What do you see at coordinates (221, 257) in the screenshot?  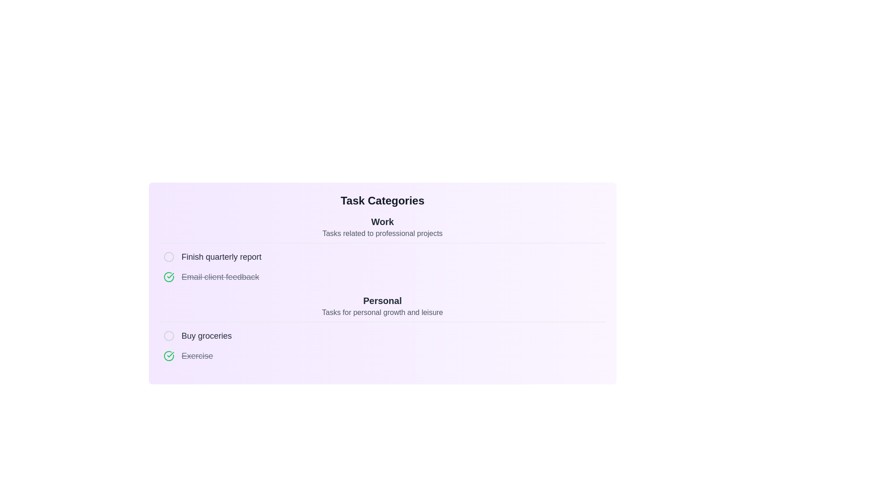 I see `text label that says 'Finish quarterly report', which is the second item in the list under the 'Work' category` at bounding box center [221, 257].